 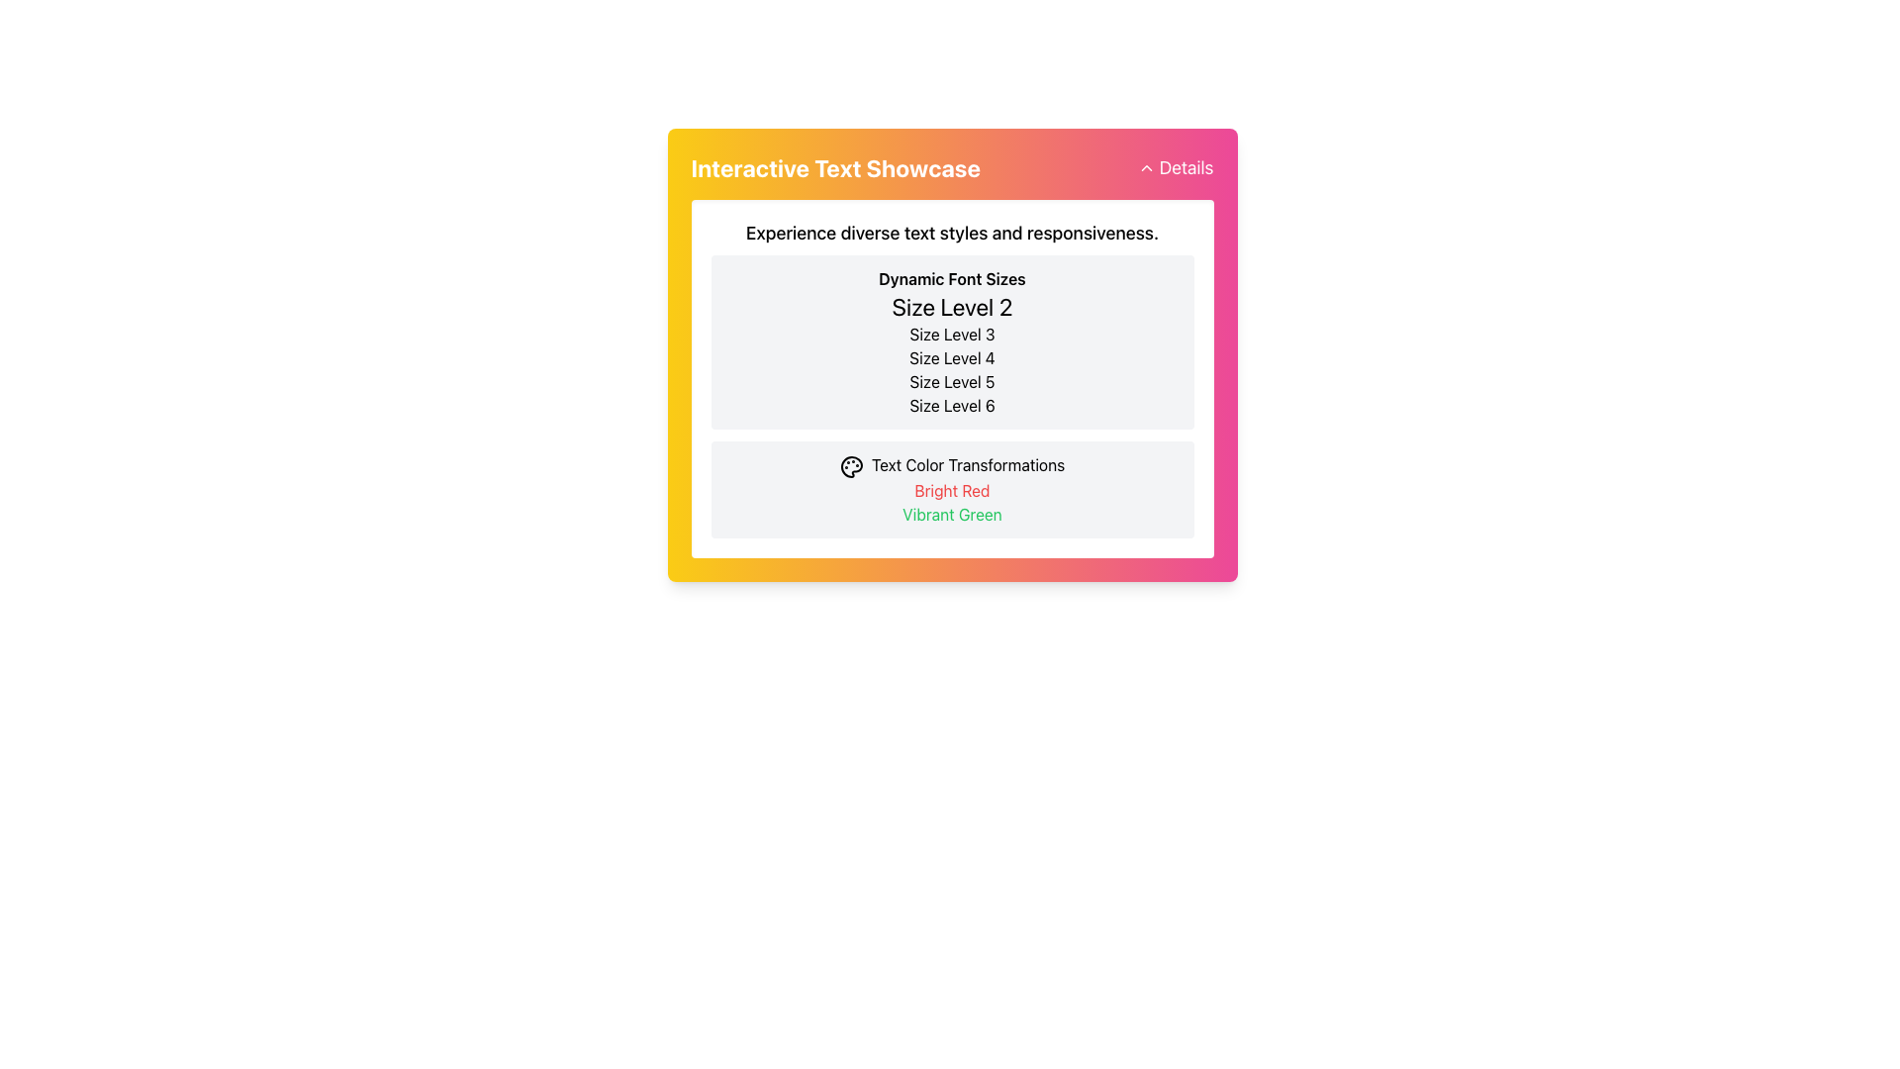 I want to click on the fourth text element in the vertical list, which is positioned below 'Size Level 3' and above 'Size Level 5', demonstrating dynamic font scaling, so click(x=952, y=358).